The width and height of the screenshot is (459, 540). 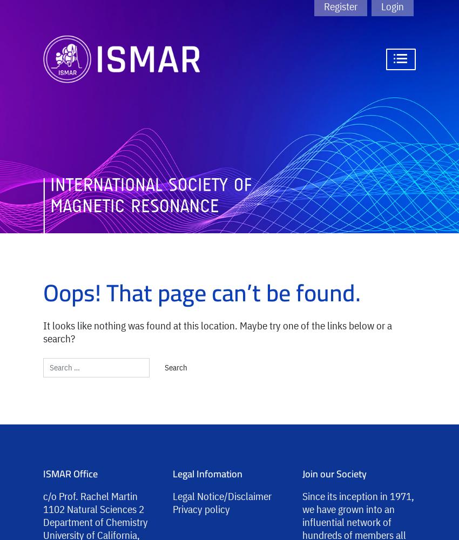 What do you see at coordinates (173, 496) in the screenshot?
I see `'Legal Notice/Disclaimer'` at bounding box center [173, 496].